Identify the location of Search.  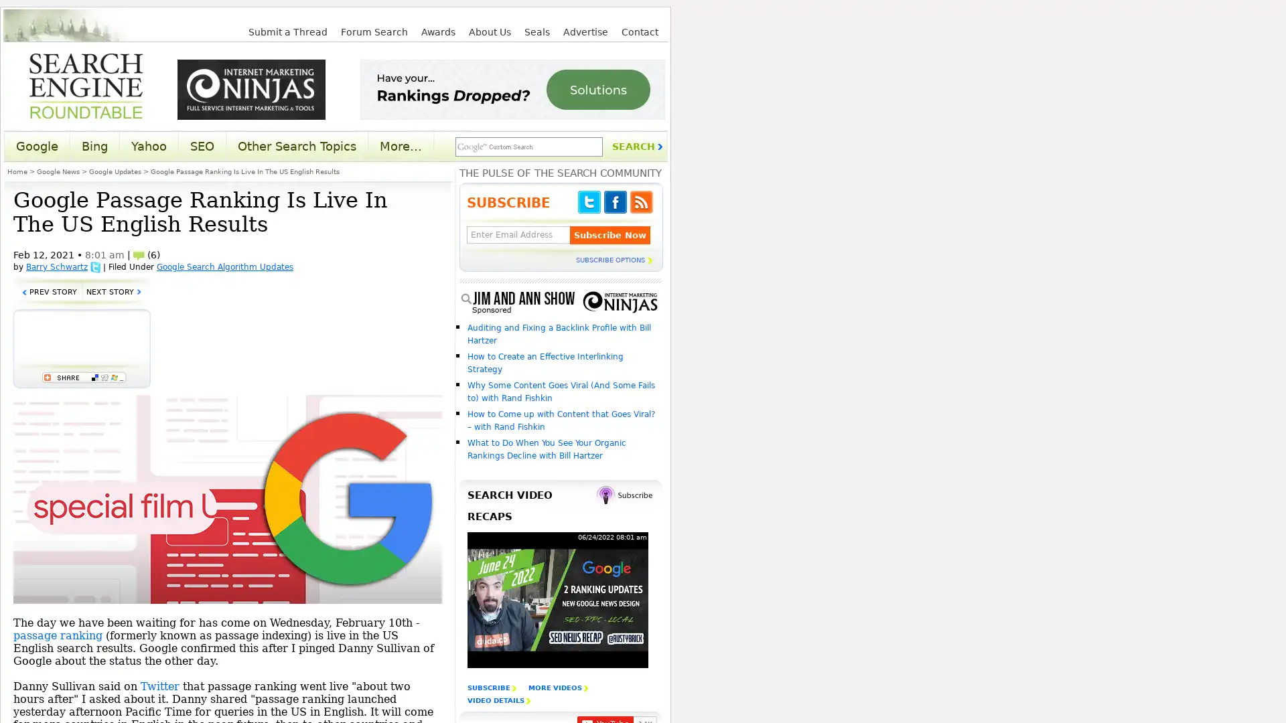
(636, 147).